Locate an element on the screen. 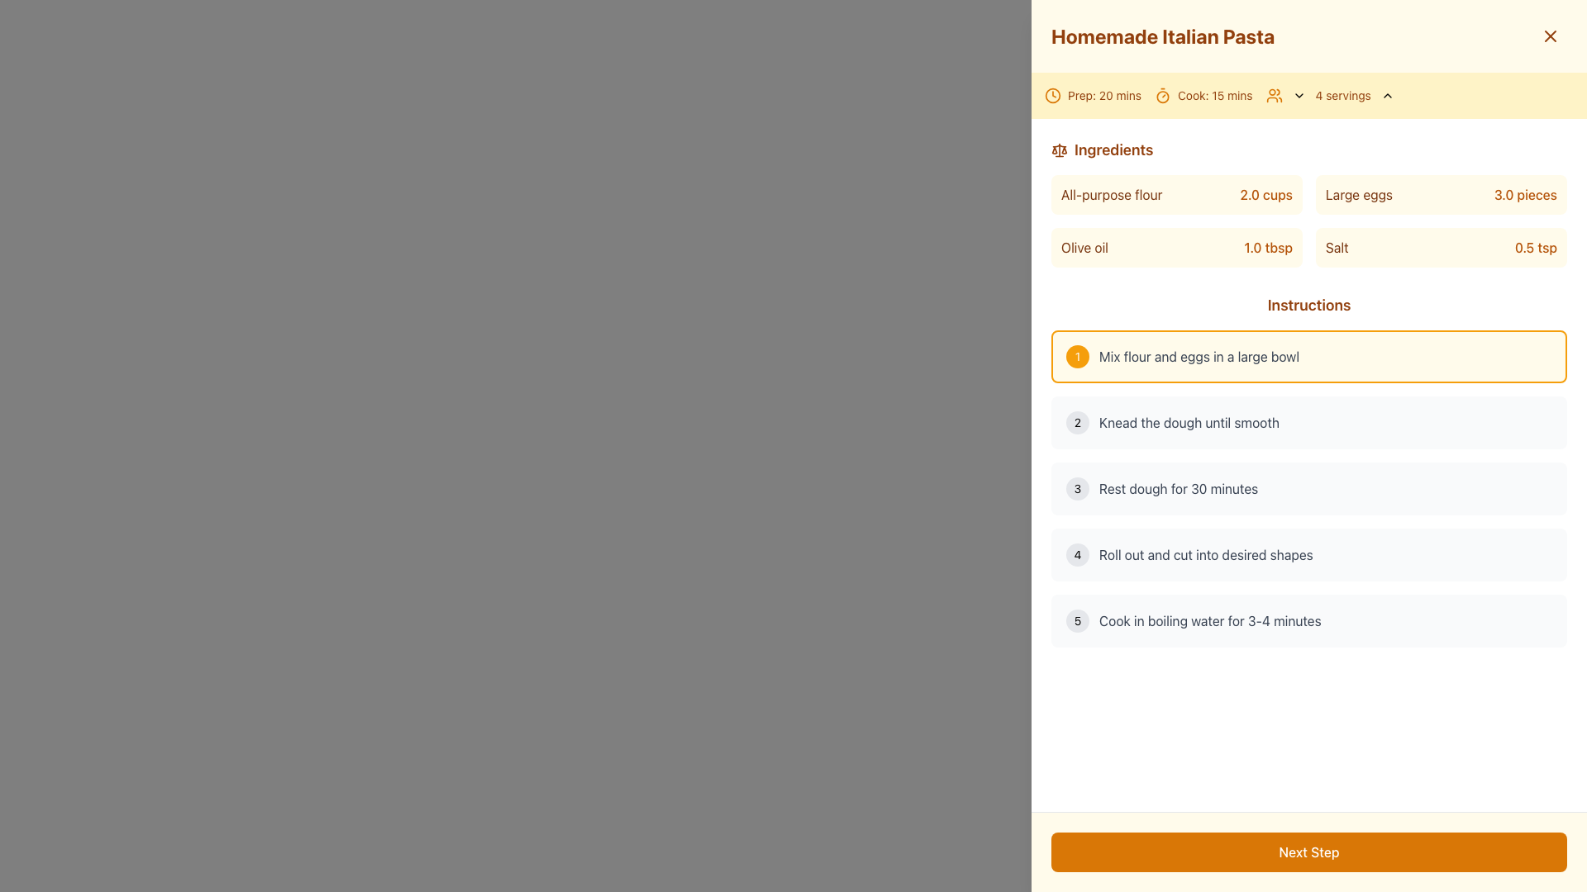 The image size is (1587, 892). the circular element within the 'Prep time' icon in the top right corner of the layout is located at coordinates (1051, 95).